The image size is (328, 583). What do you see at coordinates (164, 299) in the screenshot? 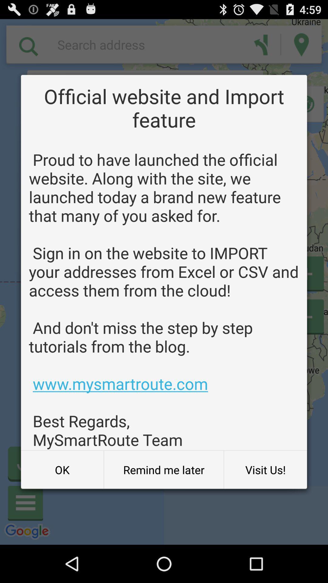
I see `icon above the ok icon` at bounding box center [164, 299].